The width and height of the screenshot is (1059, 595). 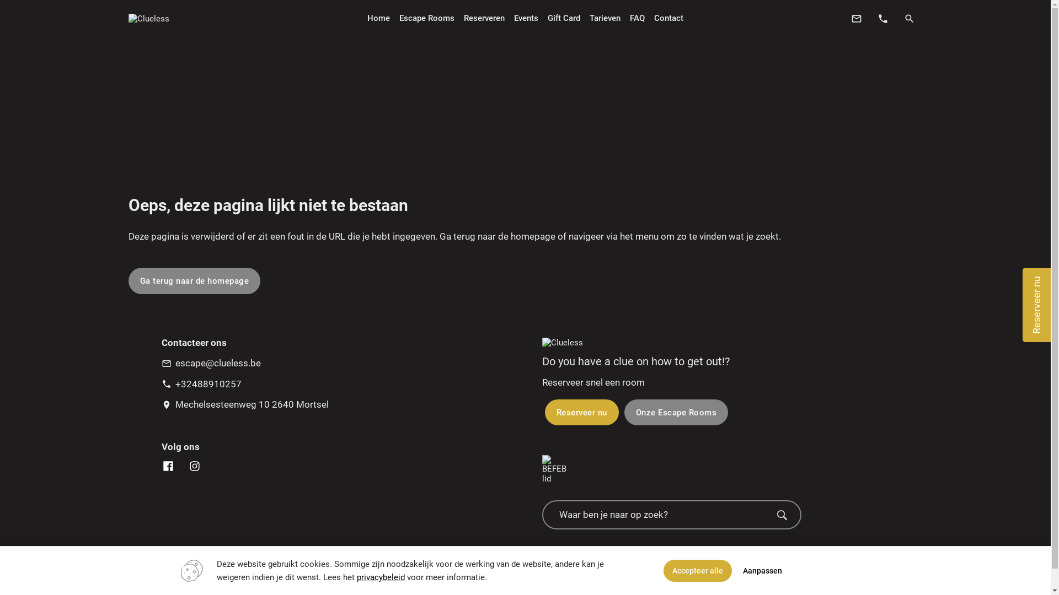 What do you see at coordinates (676, 412) in the screenshot?
I see `'Onze Escape Rooms'` at bounding box center [676, 412].